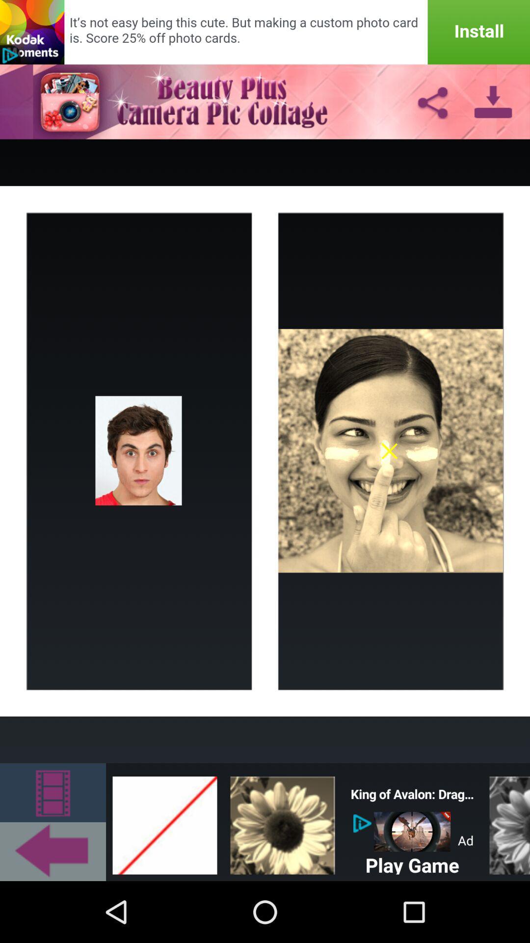 This screenshot has width=530, height=943. I want to click on the download icon on top right of page, so click(493, 101).